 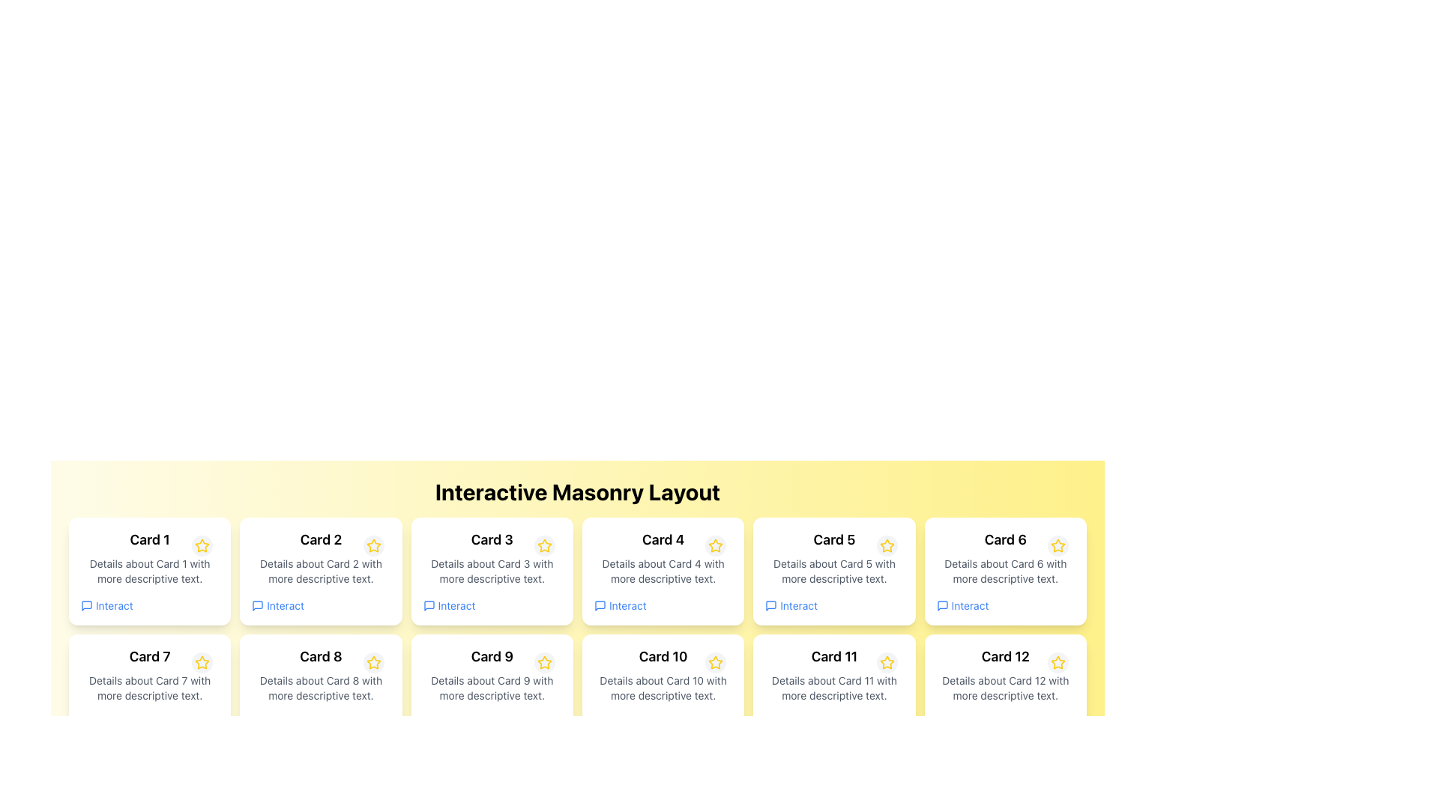 I want to click on the header text located at the top of 'Card 6', which is the sixth card in a masonry layout, so click(x=1005, y=540).